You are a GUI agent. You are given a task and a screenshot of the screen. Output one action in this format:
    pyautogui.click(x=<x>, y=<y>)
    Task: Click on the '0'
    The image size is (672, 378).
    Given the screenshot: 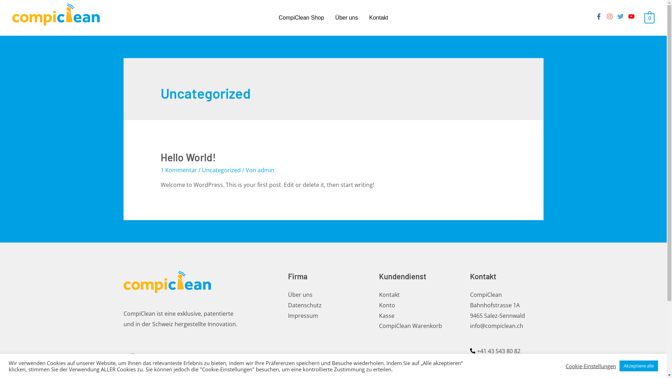 What is the action you would take?
    pyautogui.click(x=649, y=17)
    